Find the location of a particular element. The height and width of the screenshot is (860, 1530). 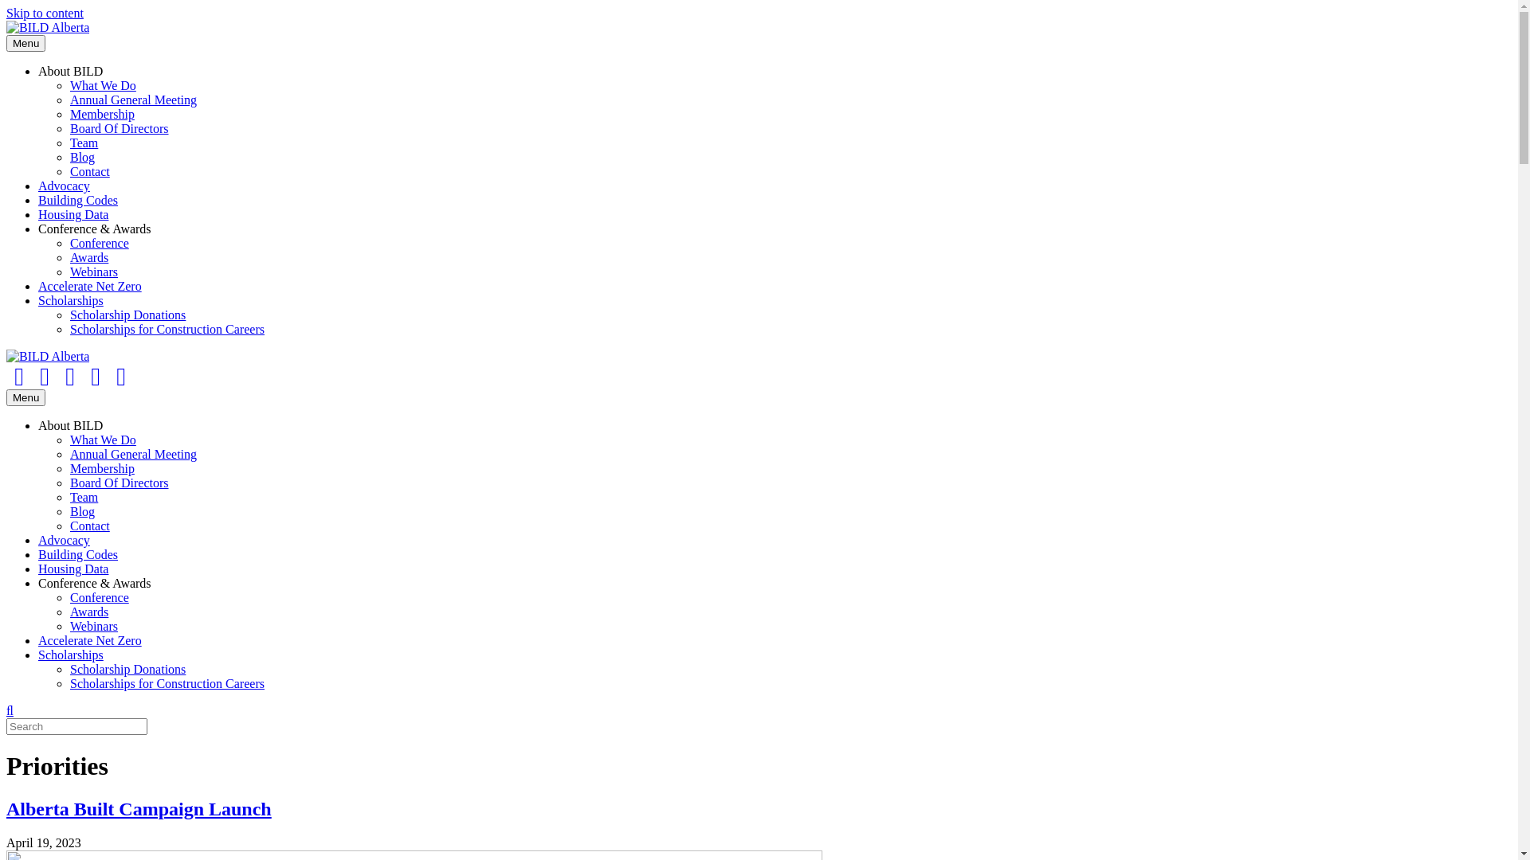

'Conference' is located at coordinates (98, 243).